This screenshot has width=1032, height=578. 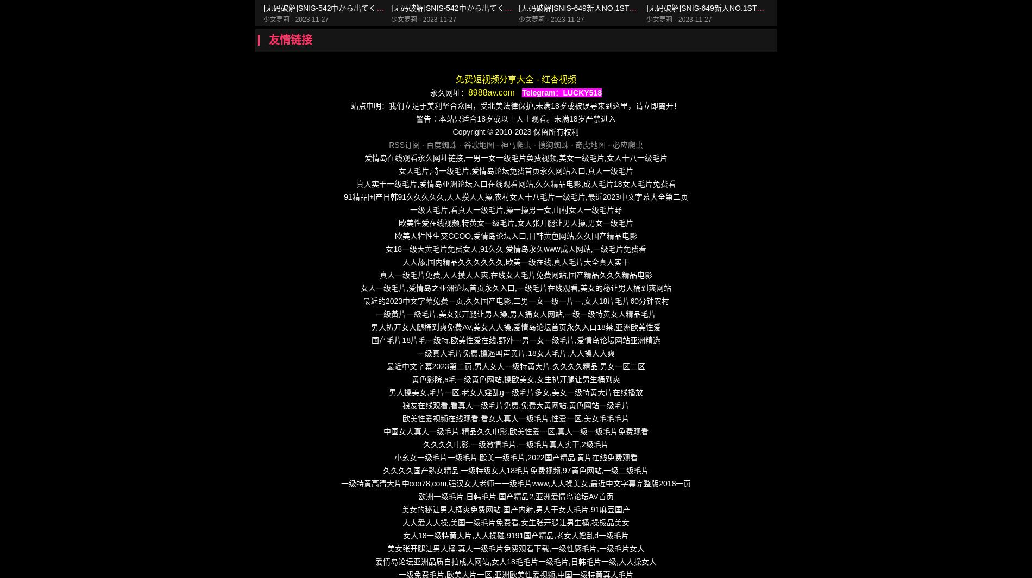 I want to click on '国产毛片18片毛一级特,欧美性爱在线,野外一男一女一级毛片,爱情岛论坛网站亚洲精选', so click(x=515, y=340).